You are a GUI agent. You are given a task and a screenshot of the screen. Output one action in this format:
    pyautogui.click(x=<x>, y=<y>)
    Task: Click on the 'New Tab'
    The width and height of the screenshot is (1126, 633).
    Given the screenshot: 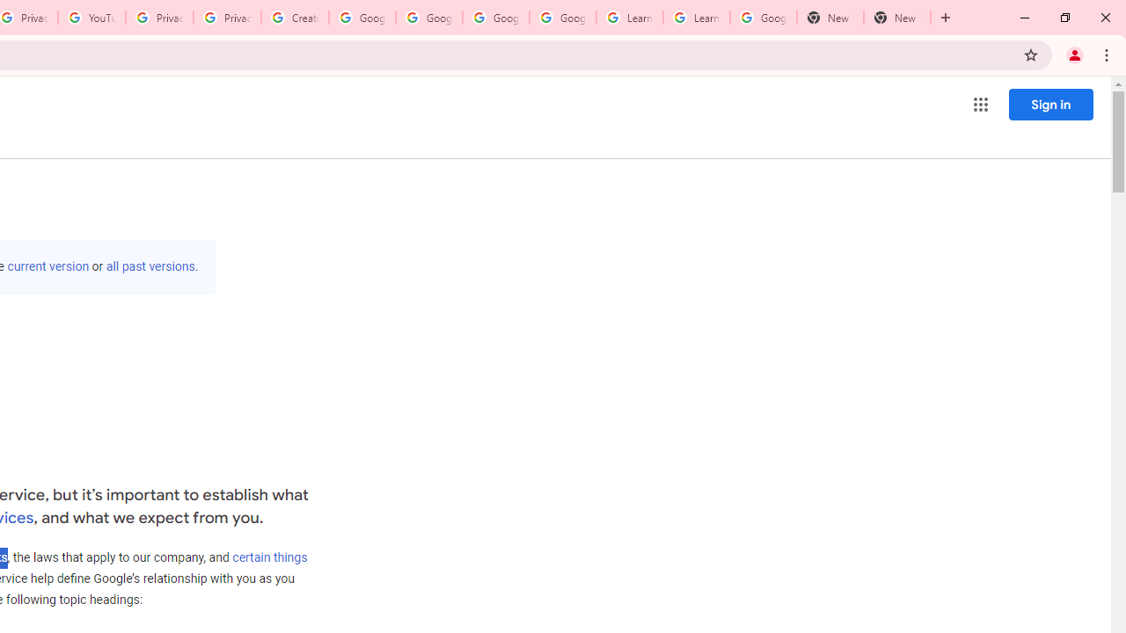 What is the action you would take?
    pyautogui.click(x=897, y=18)
    